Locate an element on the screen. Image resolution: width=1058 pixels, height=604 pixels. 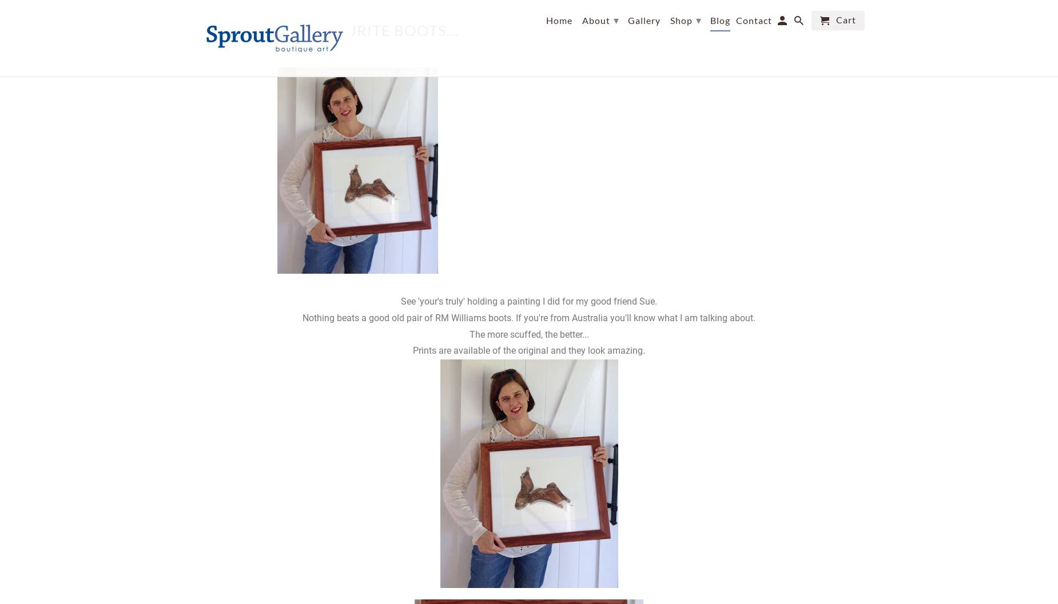
'Shop' is located at coordinates (681, 20).